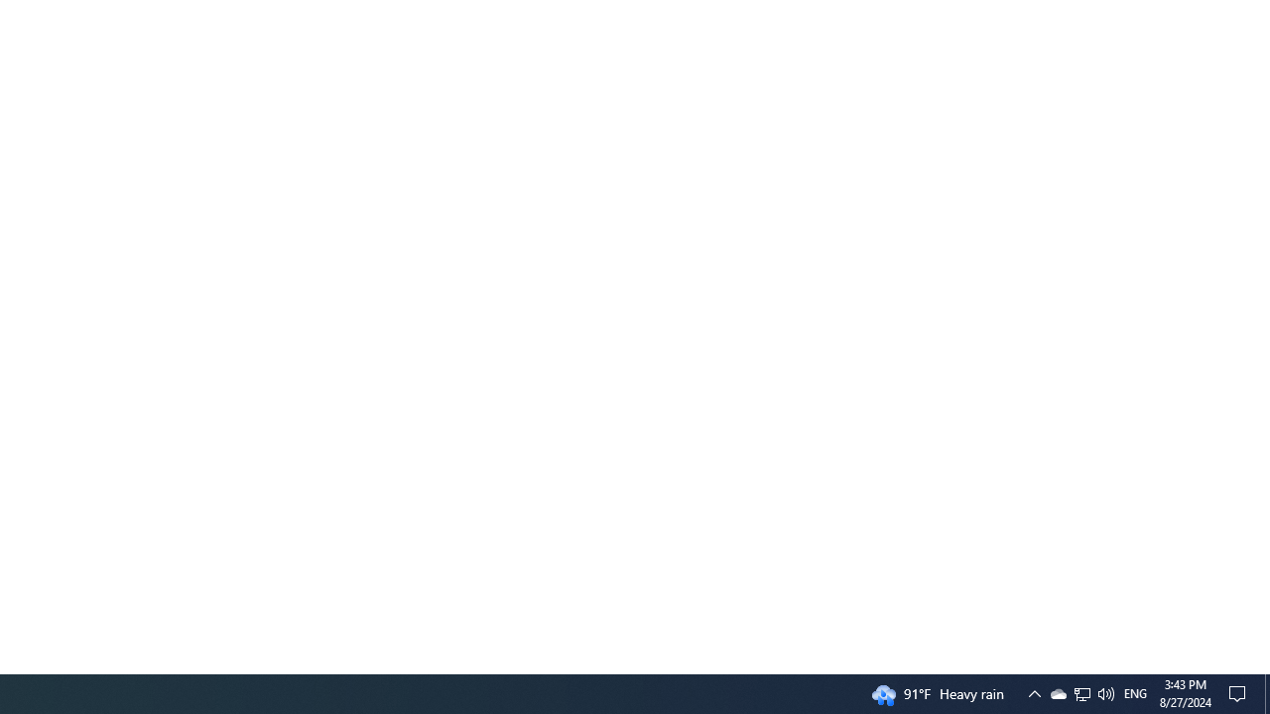 This screenshot has height=714, width=1270. I want to click on 'Notification Chevron', so click(1033, 692).